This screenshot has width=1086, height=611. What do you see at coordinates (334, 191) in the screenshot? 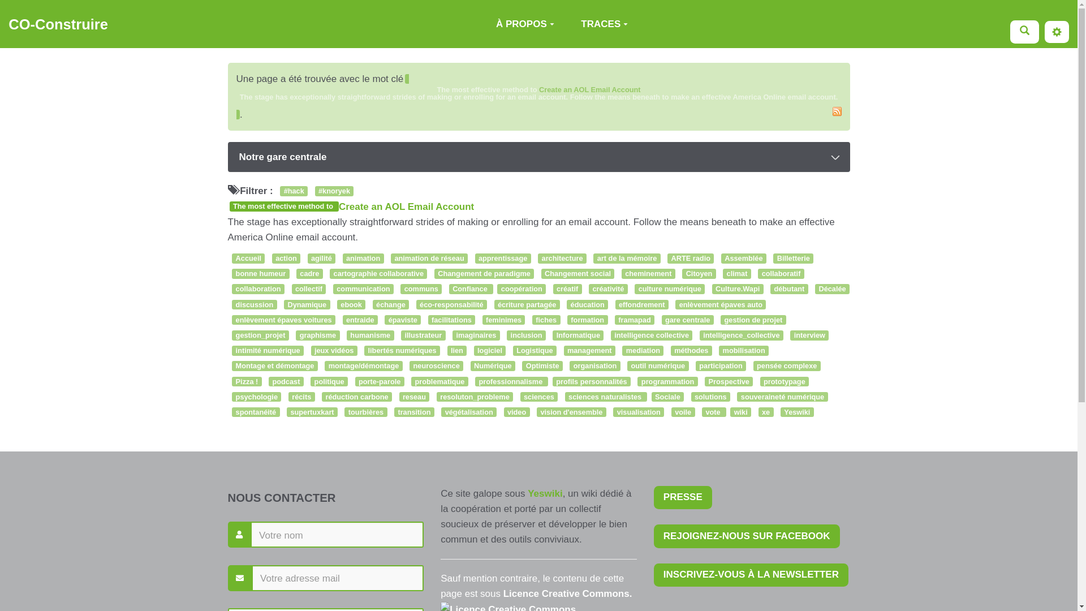
I see `'#knoryek'` at bounding box center [334, 191].